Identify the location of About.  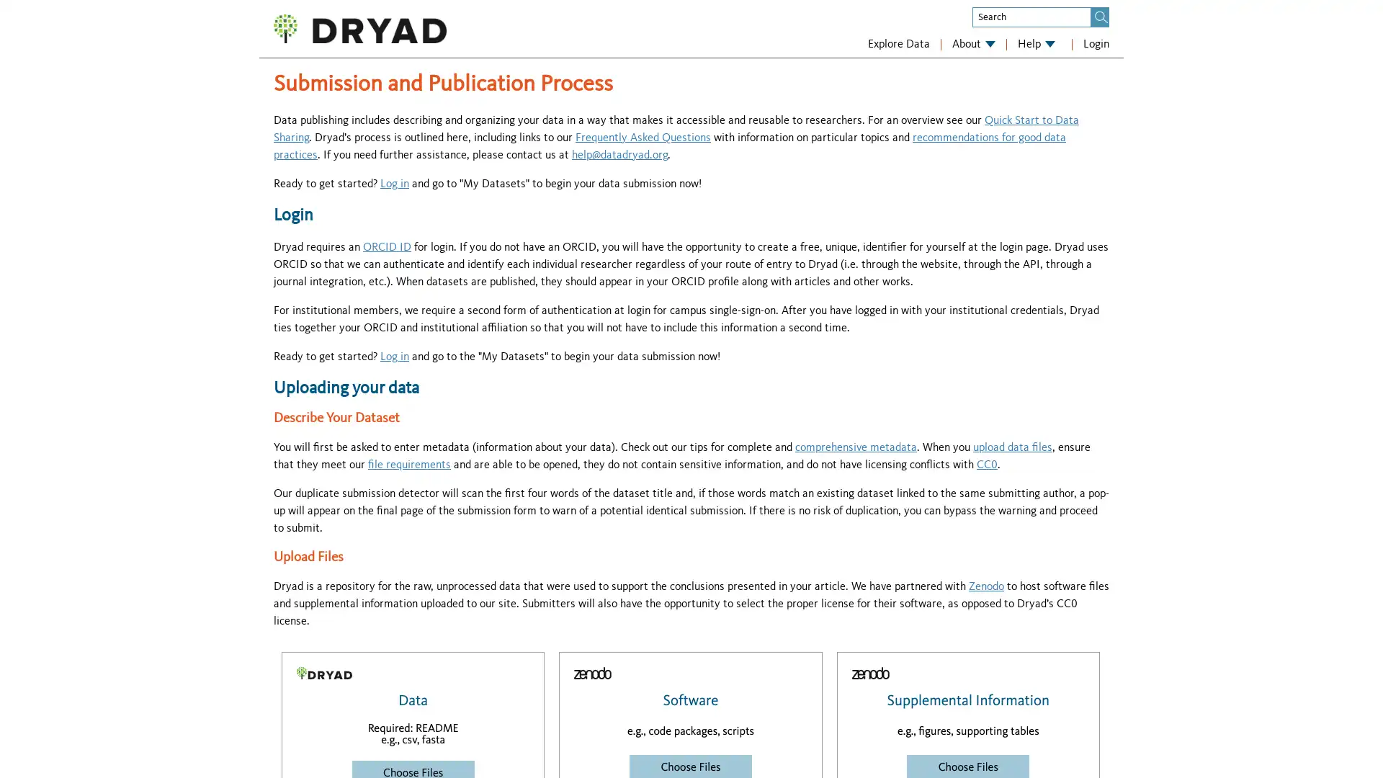
(974, 43).